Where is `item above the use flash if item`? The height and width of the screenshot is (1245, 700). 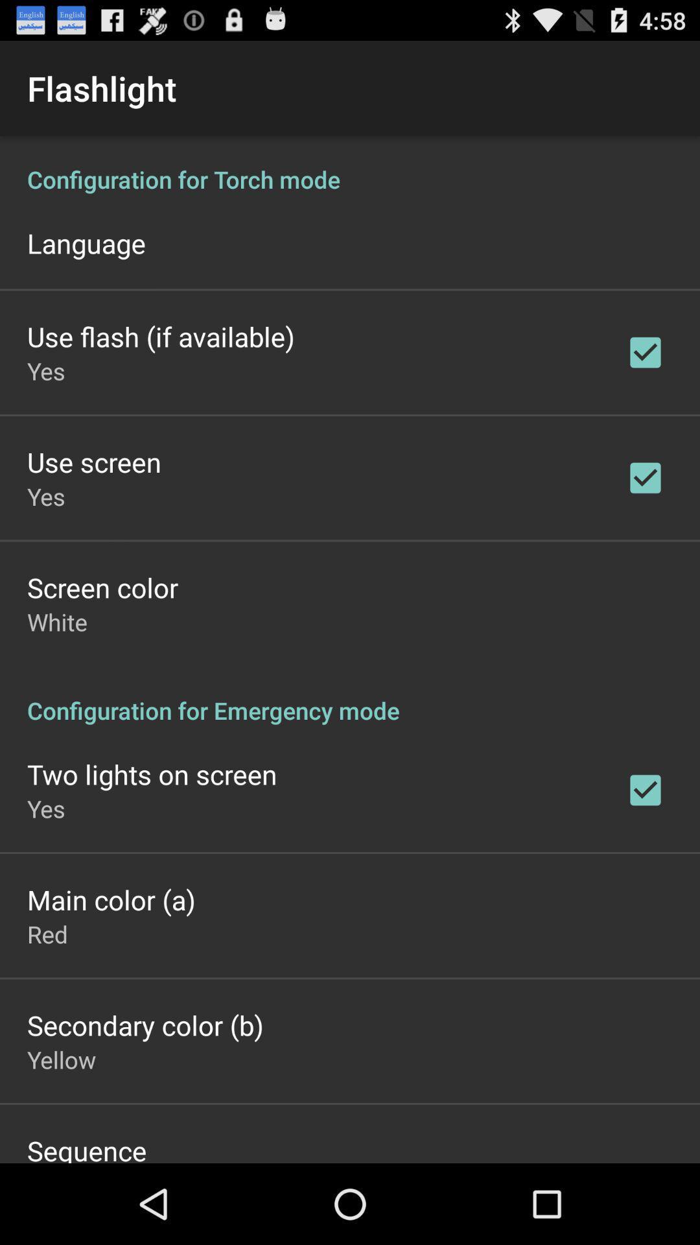
item above the use flash if item is located at coordinates (86, 243).